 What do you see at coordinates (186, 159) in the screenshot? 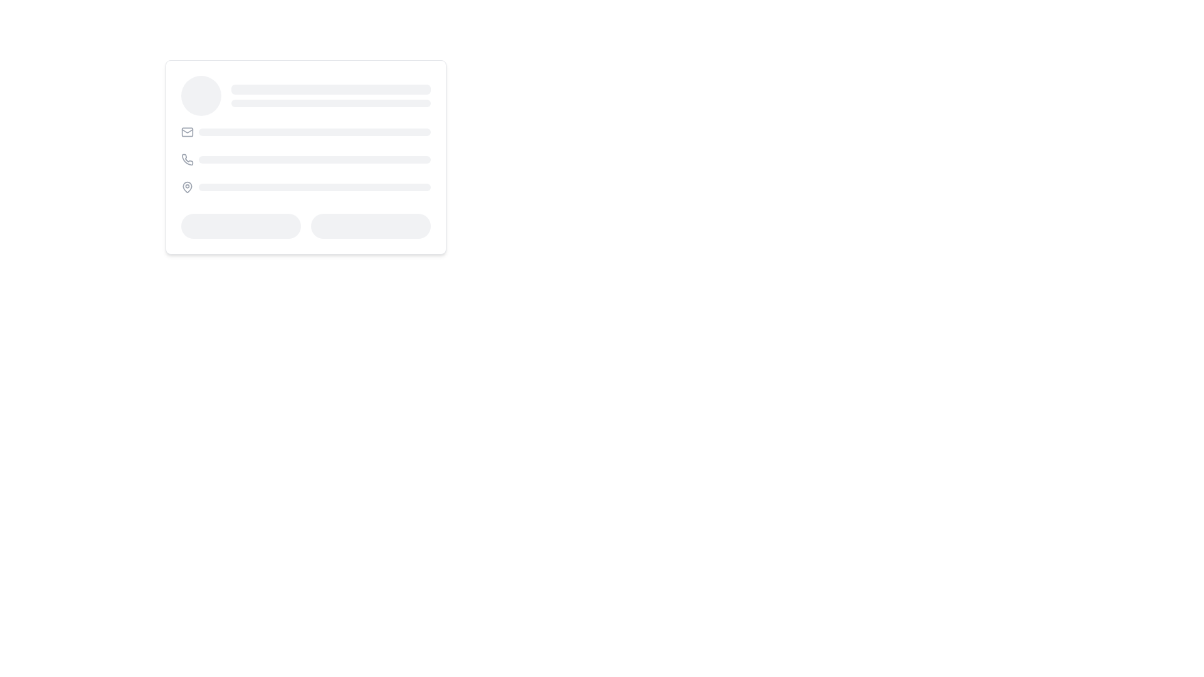
I see `the phone icon located at the upper left of the user interface card, which visually represents phone or calling features` at bounding box center [186, 159].